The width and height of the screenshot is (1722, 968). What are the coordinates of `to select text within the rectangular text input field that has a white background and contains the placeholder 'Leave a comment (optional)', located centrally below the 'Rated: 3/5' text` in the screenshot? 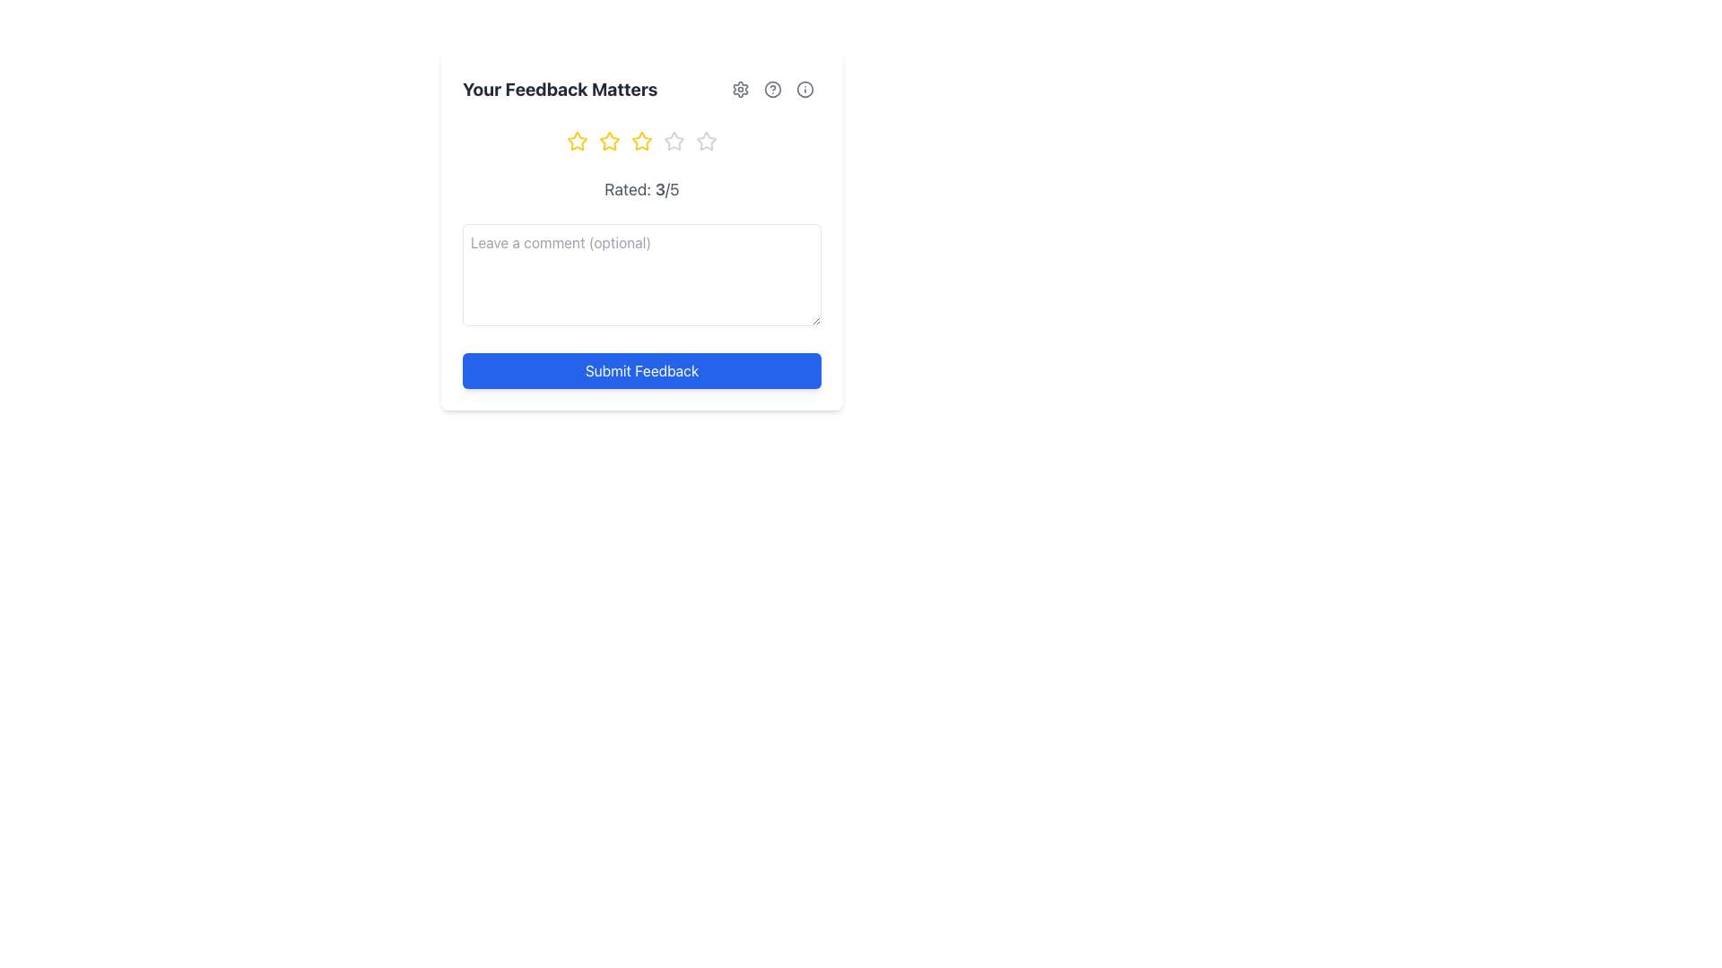 It's located at (641, 230).